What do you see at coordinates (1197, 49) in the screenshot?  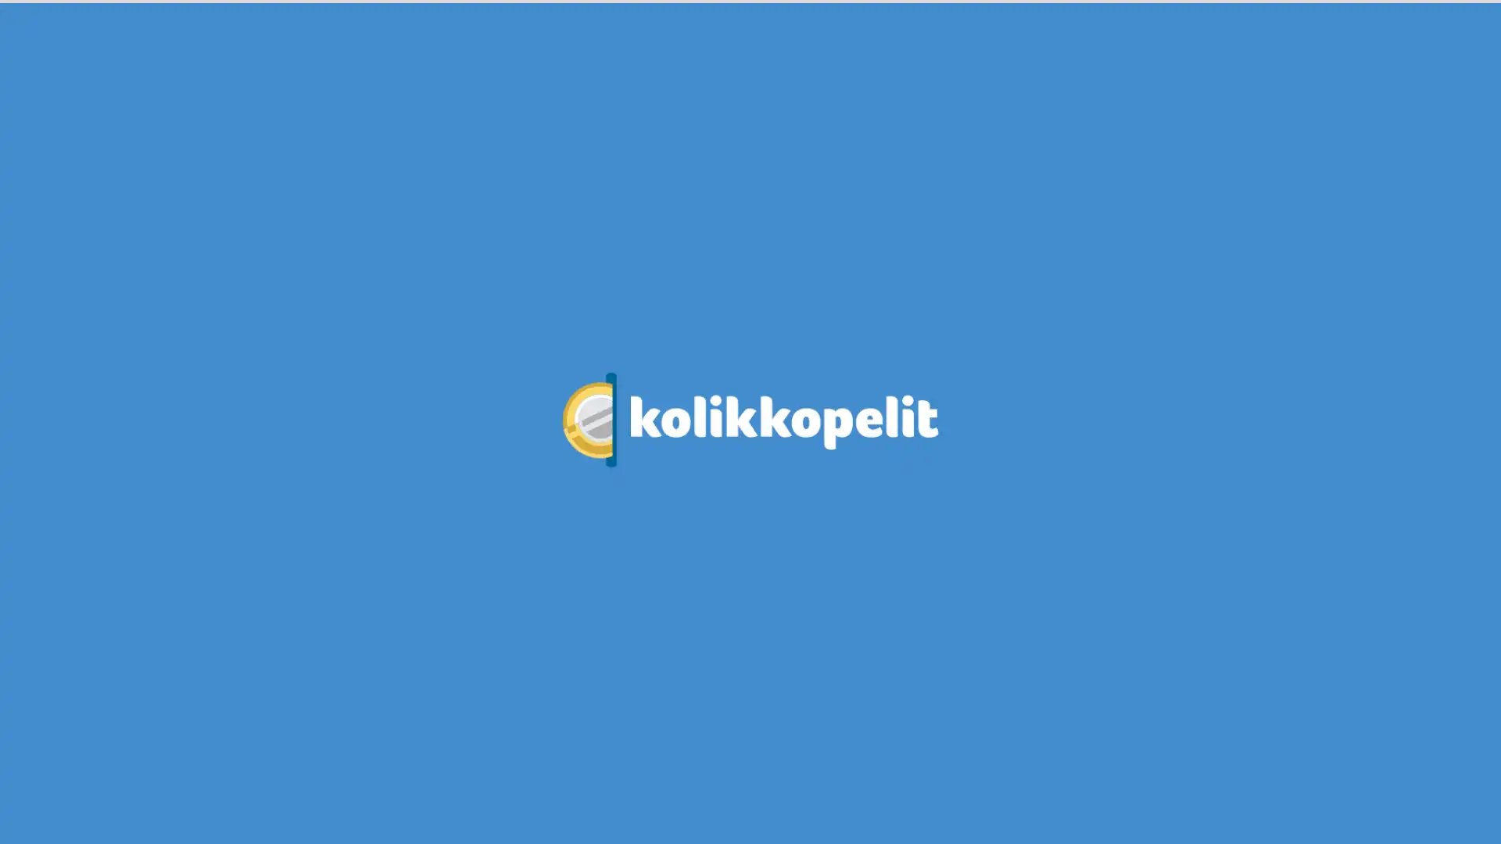 I see `Kirjaudu` at bounding box center [1197, 49].